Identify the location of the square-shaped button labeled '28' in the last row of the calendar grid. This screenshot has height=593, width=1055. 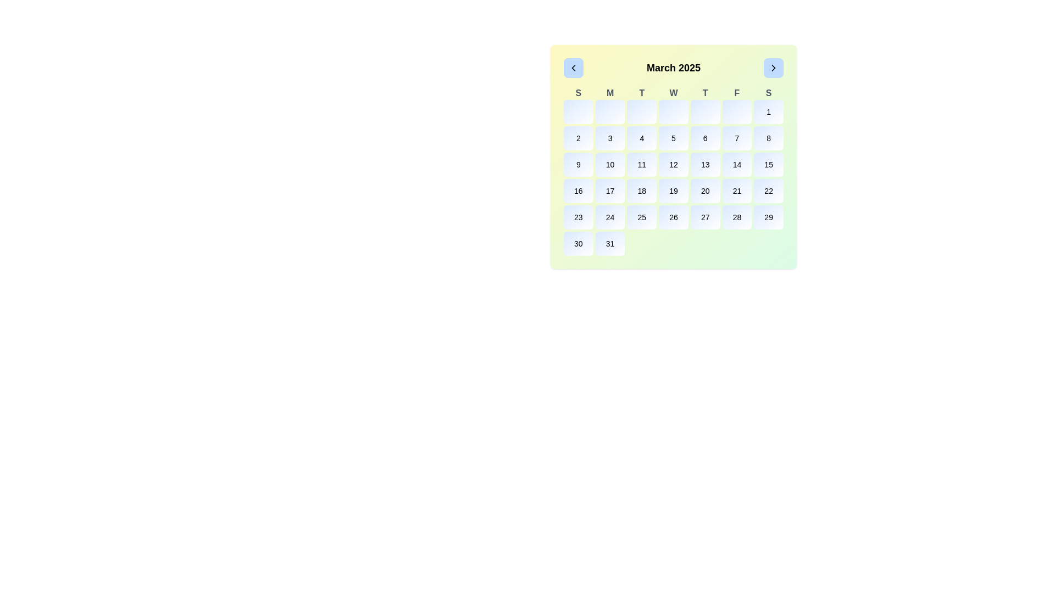
(737, 217).